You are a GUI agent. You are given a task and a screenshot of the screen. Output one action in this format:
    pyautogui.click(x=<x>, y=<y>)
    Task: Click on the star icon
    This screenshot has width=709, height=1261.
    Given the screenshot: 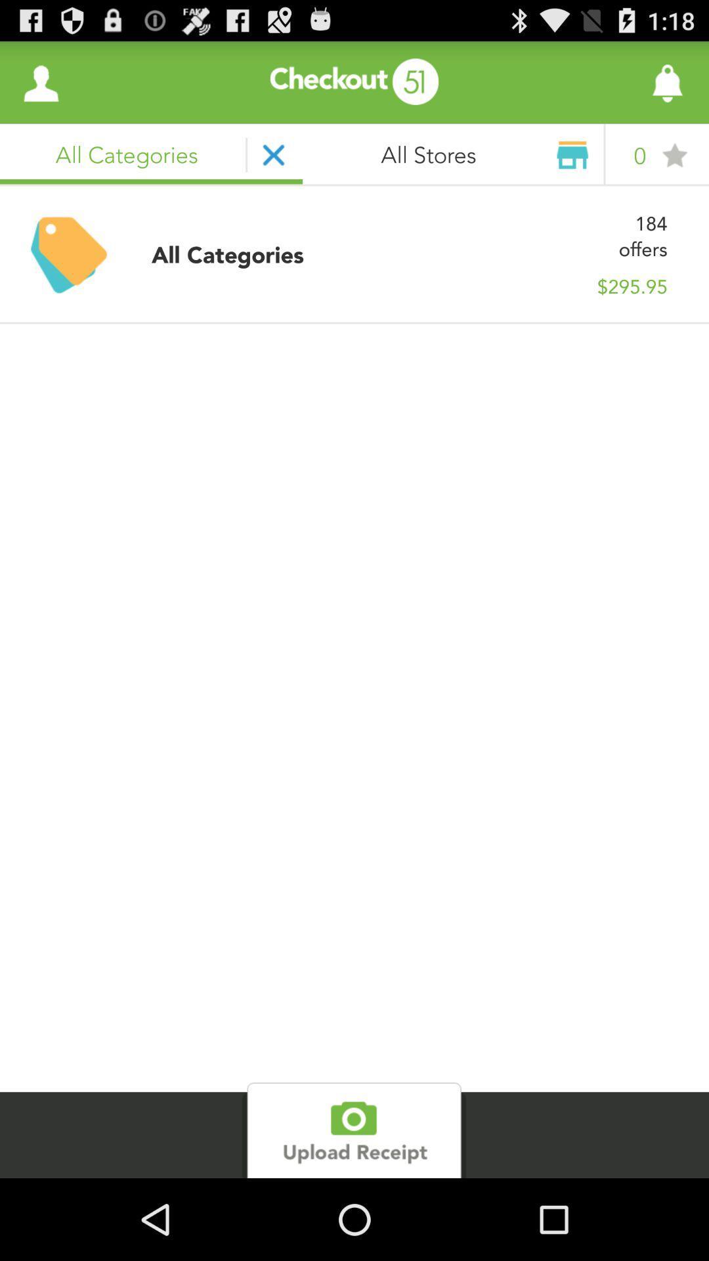 What is the action you would take?
    pyautogui.click(x=674, y=155)
    